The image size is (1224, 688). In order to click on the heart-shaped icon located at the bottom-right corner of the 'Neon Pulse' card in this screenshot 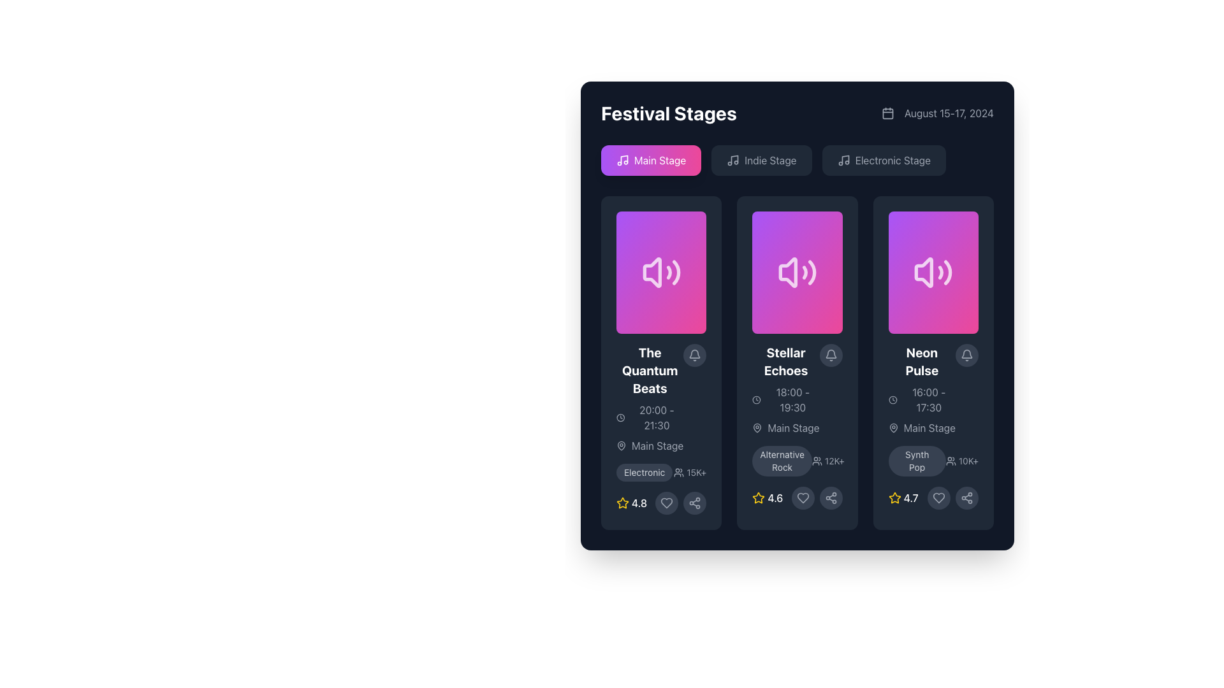, I will do `click(939, 498)`.